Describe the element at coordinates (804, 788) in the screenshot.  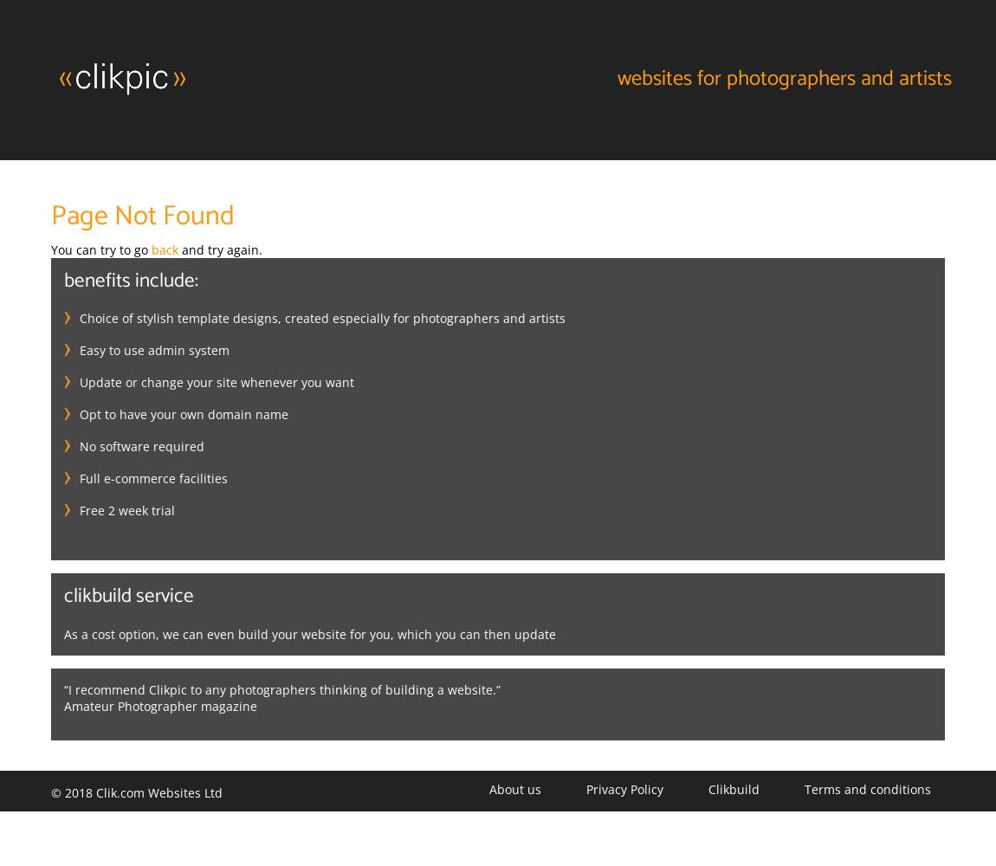
I see `'Terms and conditions'` at that location.